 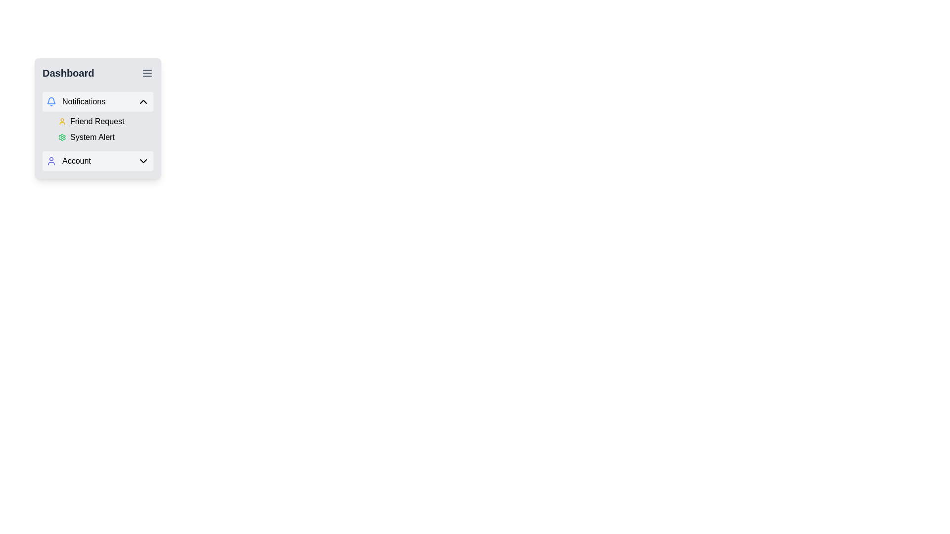 I want to click on the List group containing 'Friend Request' and 'System Alert' items in the Notifications section of the dashboard, so click(x=97, y=129).